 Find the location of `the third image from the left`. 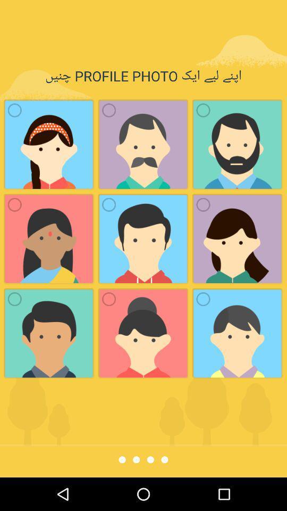

the third image from the left is located at coordinates (238, 144).